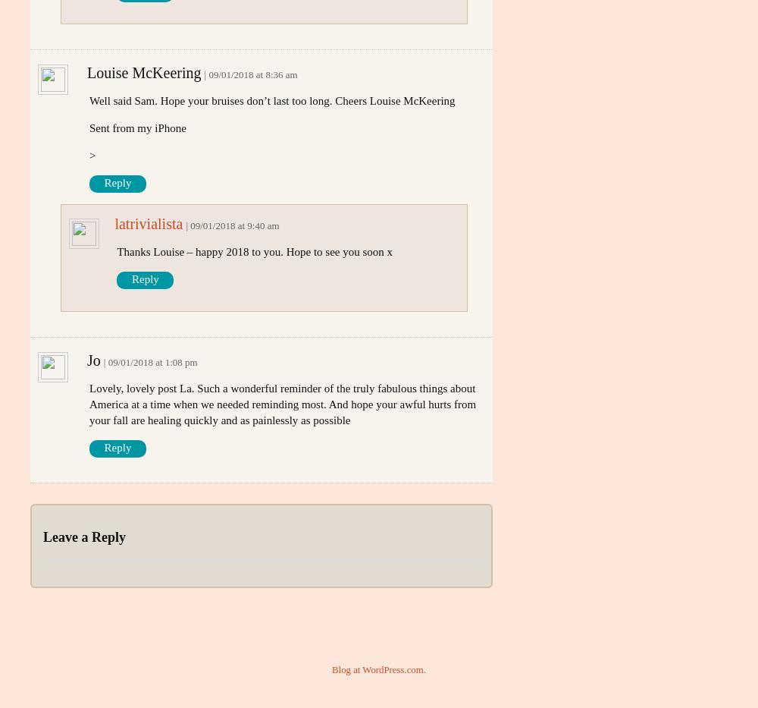 The width and height of the screenshot is (758, 708). Describe the element at coordinates (92, 155) in the screenshot. I see `'>'` at that location.